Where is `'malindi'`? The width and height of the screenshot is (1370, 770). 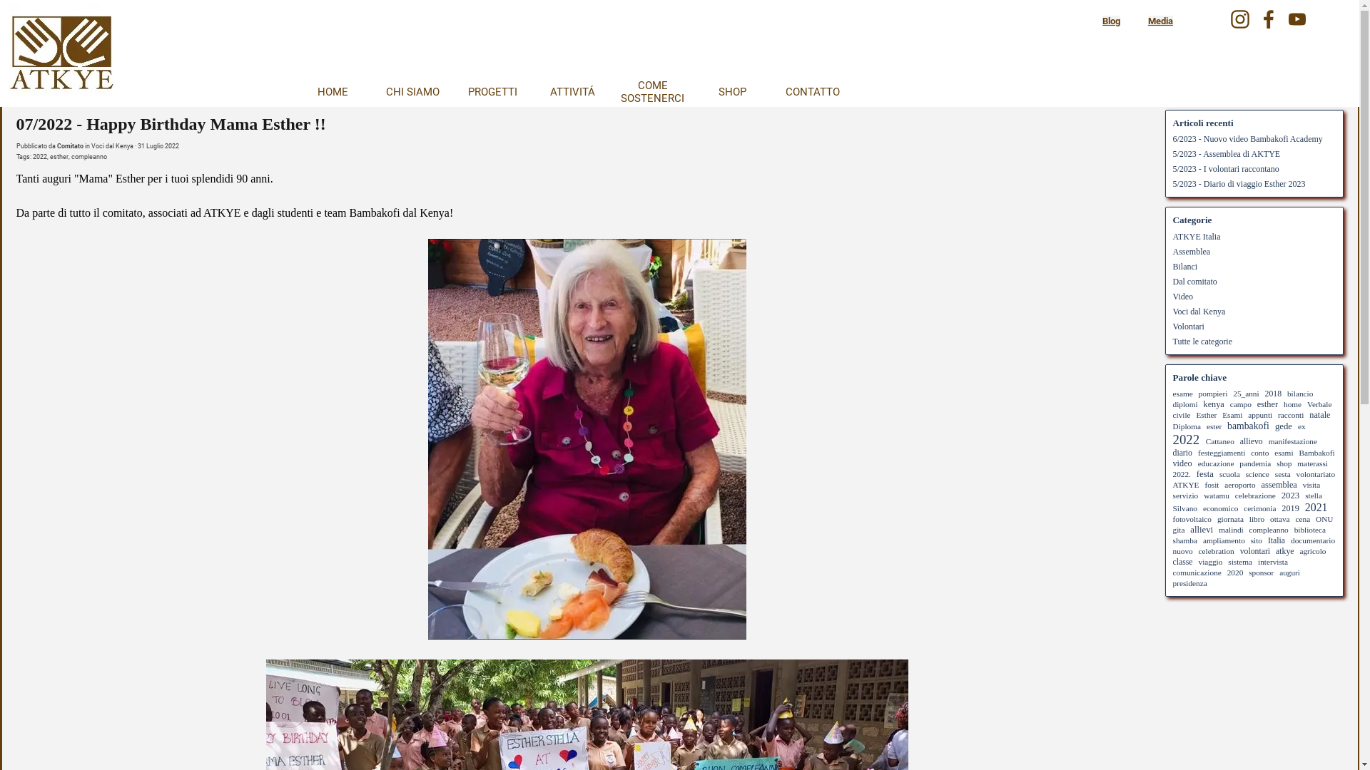 'malindi' is located at coordinates (1229, 530).